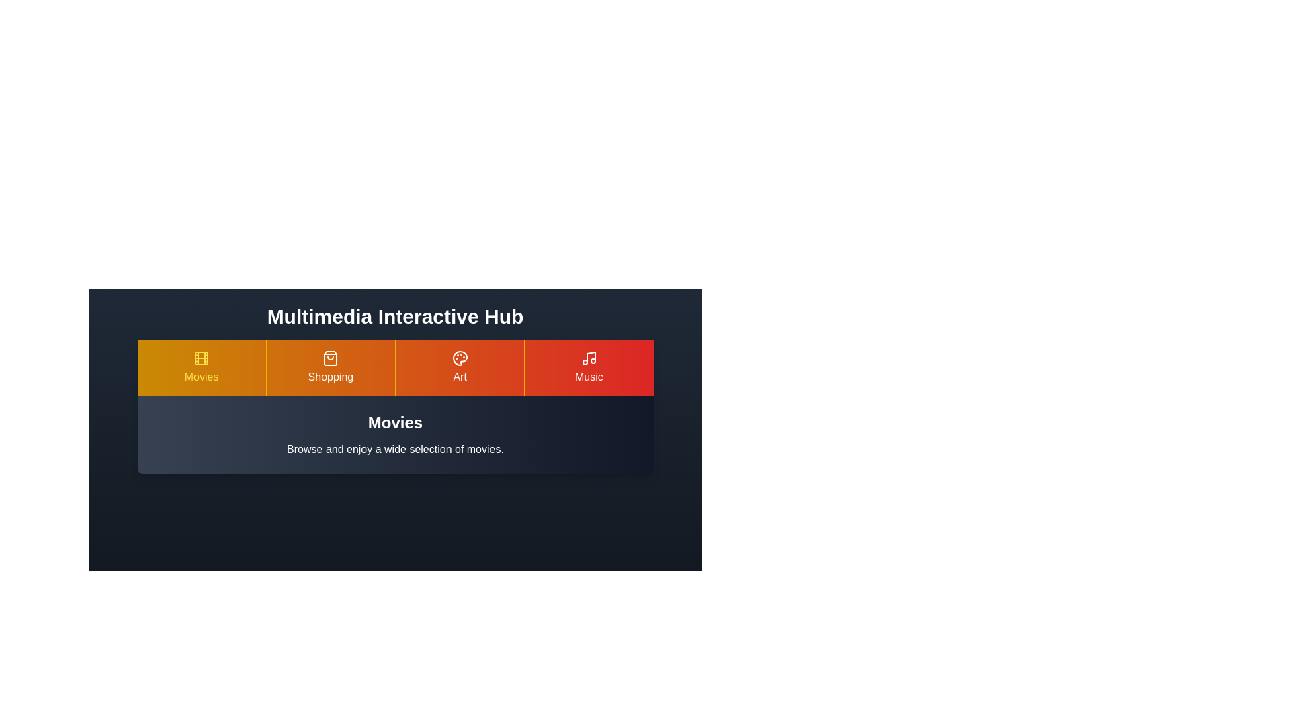 The width and height of the screenshot is (1290, 725). What do you see at coordinates (460, 367) in the screenshot?
I see `the Art tab to explore its content` at bounding box center [460, 367].